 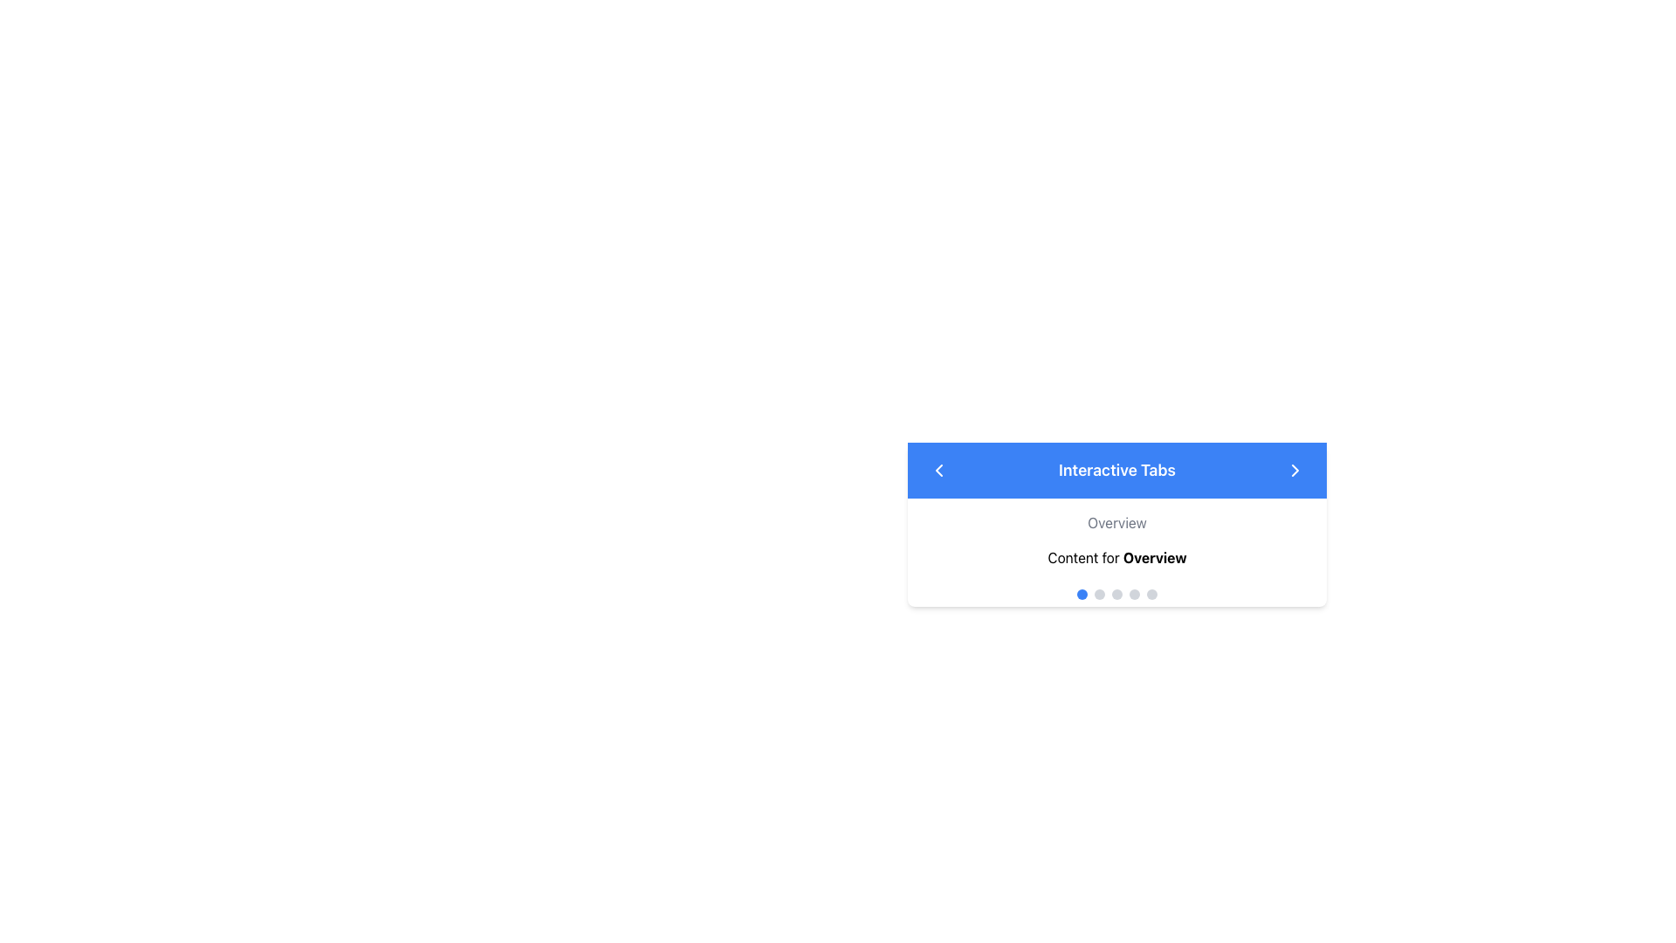 I want to click on the circular button with a right-pointing chevron icon located on the far right side of the blue header bar labeled 'Interactive Tabs', so click(x=1295, y=470).